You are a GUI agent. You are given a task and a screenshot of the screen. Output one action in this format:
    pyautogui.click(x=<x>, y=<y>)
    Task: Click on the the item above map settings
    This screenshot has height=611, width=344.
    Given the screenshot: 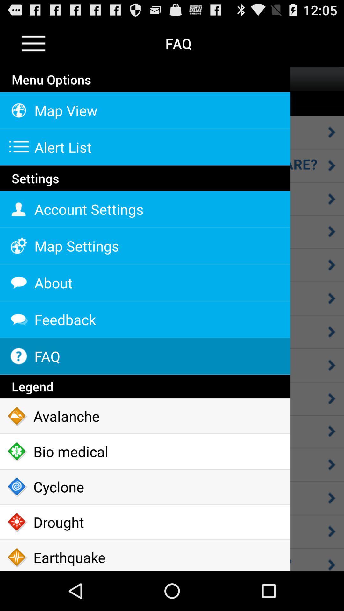 What is the action you would take?
    pyautogui.click(x=145, y=209)
    